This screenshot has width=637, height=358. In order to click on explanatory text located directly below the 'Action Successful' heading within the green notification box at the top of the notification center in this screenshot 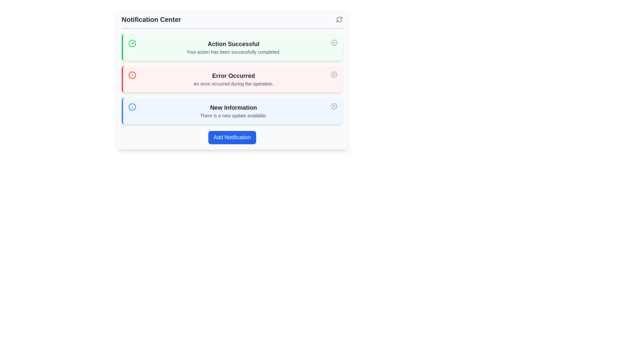, I will do `click(234, 52)`.